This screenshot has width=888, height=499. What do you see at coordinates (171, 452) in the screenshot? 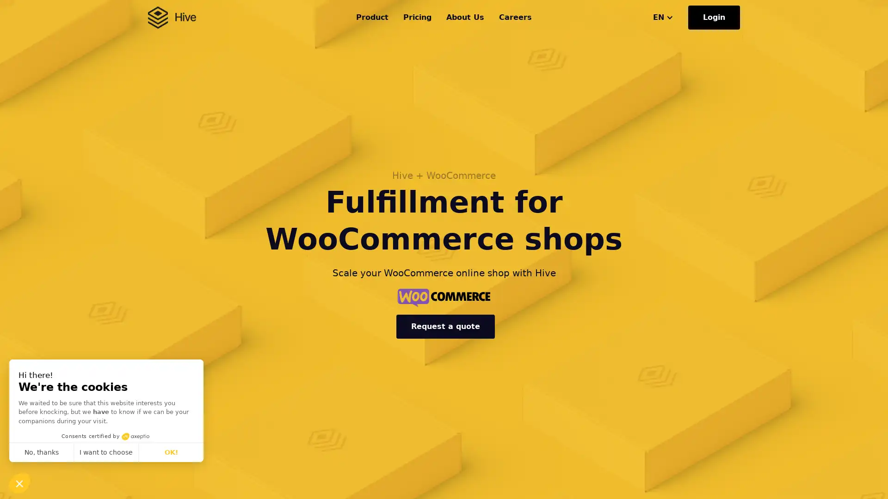
I see `OK!` at bounding box center [171, 452].